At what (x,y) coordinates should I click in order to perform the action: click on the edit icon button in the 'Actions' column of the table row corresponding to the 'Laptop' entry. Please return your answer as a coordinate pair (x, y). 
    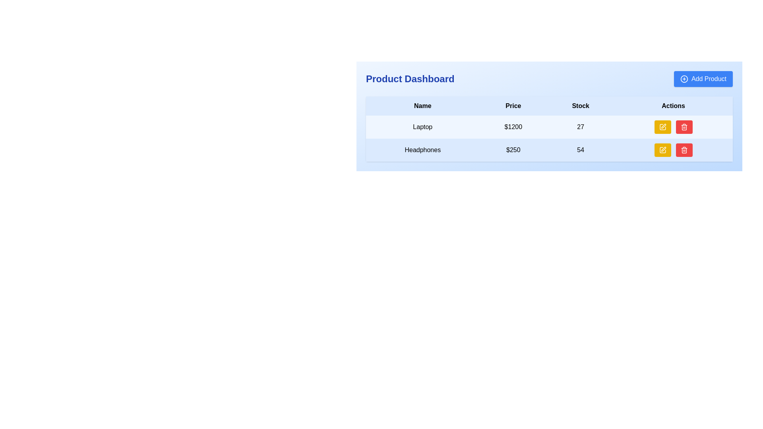
    Looking at the image, I should click on (662, 127).